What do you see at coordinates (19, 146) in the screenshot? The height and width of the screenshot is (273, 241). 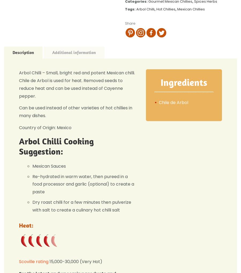 I see `'Arbol Chilli Cooking Suggestion:'` at bounding box center [19, 146].